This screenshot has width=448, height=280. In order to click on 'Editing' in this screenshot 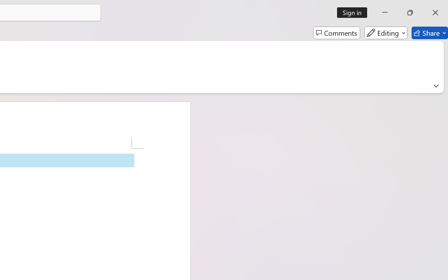, I will do `click(385, 33)`.